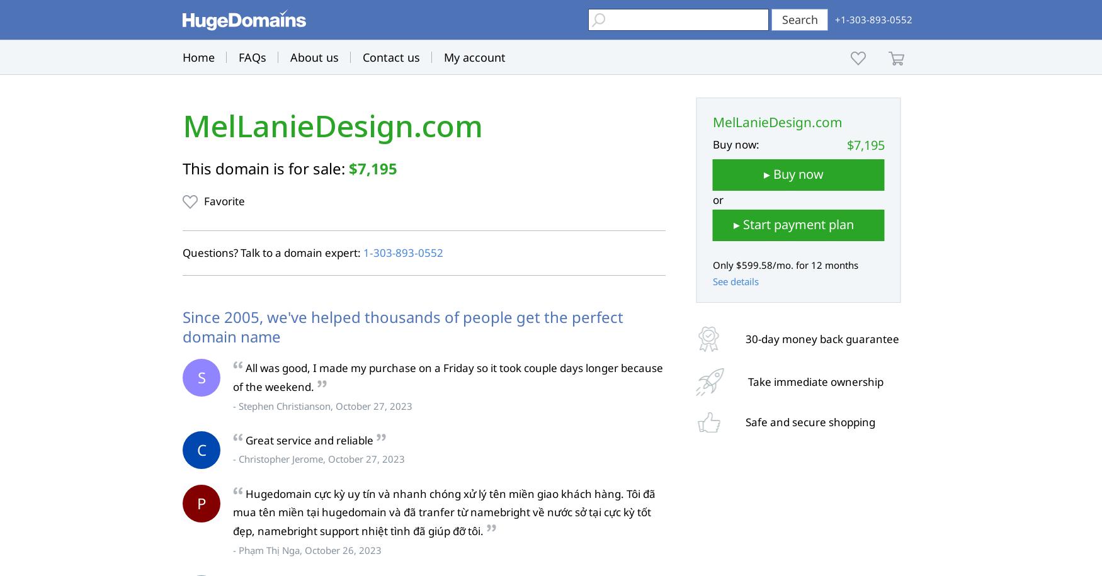 The image size is (1102, 576). Describe the element at coordinates (224, 201) in the screenshot. I see `'Favorite'` at that location.